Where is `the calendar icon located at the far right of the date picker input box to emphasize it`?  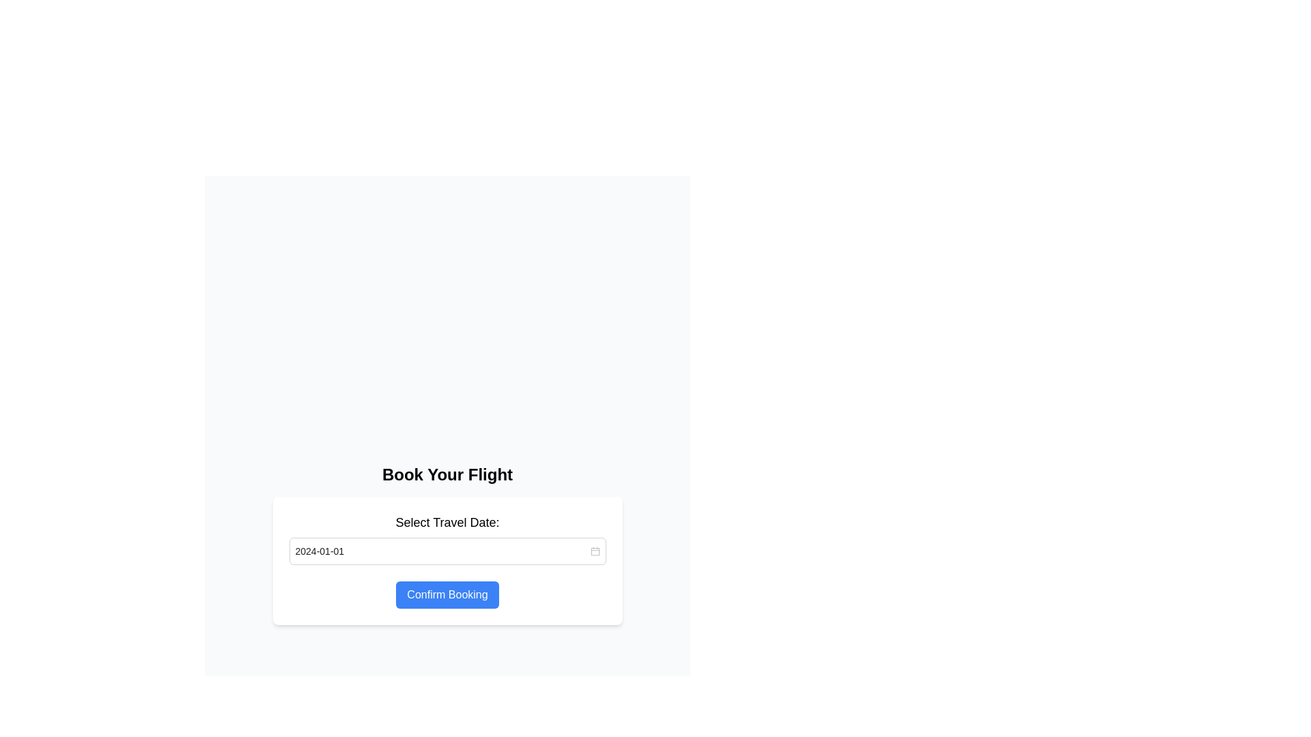 the calendar icon located at the far right of the date picker input box to emphasize it is located at coordinates (595, 550).